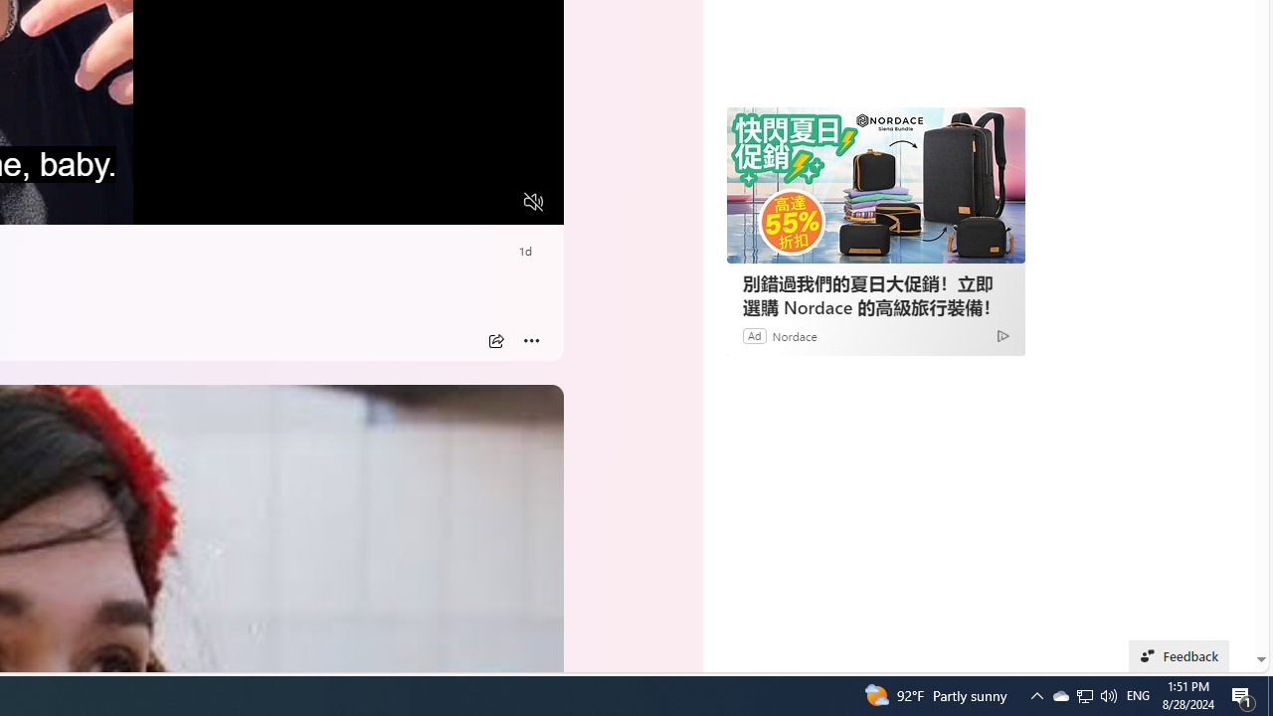 This screenshot has width=1273, height=716. I want to click on 'Nordace', so click(793, 334).